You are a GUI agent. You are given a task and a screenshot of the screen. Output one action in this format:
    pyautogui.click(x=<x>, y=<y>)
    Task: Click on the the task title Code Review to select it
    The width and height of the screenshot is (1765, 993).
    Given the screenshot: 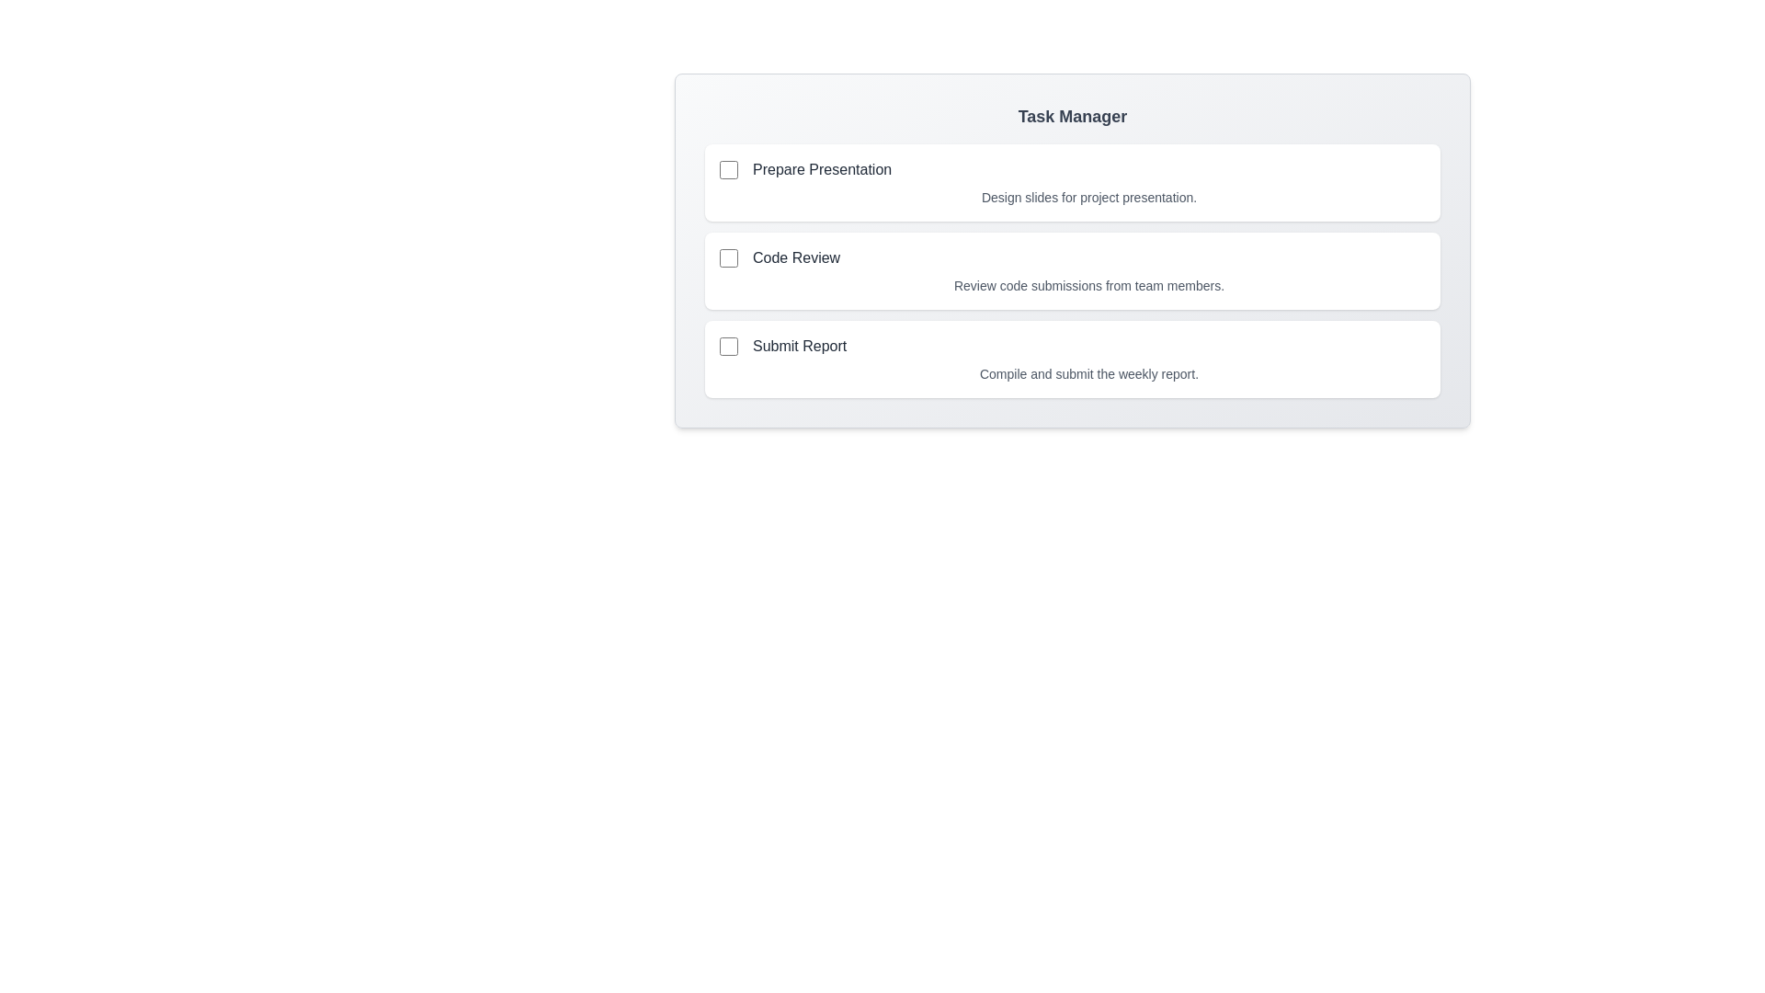 What is the action you would take?
    pyautogui.click(x=796, y=258)
    